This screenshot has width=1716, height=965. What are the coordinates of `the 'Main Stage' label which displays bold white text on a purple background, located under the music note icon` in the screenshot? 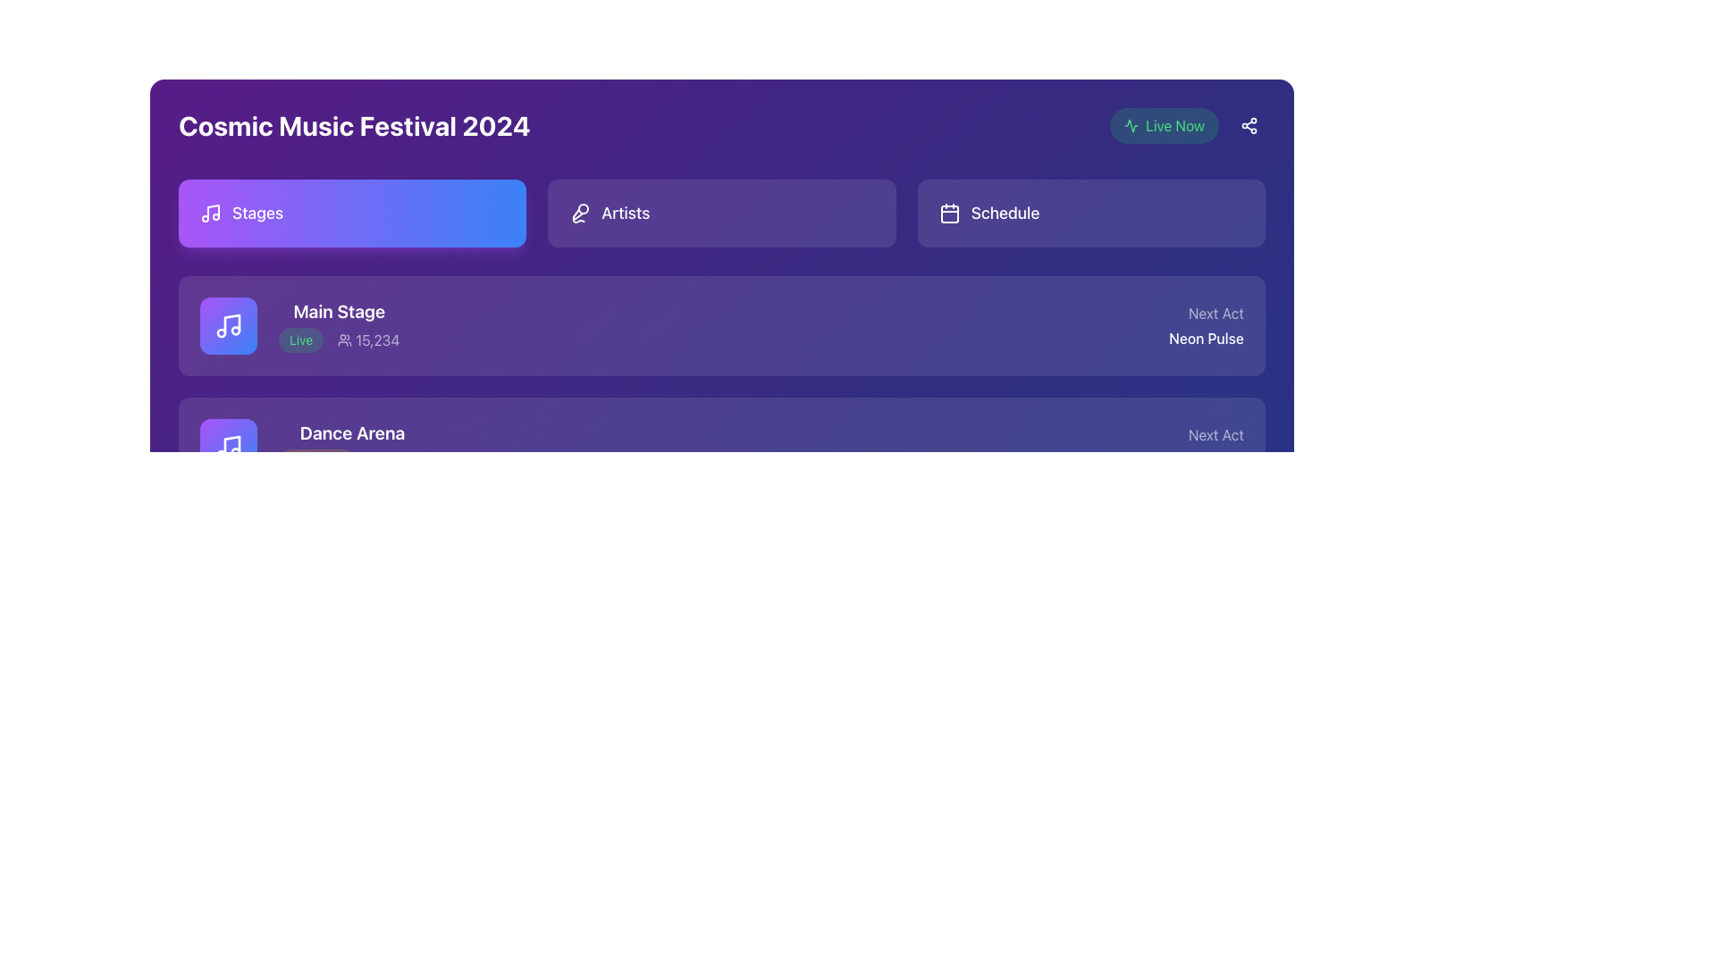 It's located at (339, 310).